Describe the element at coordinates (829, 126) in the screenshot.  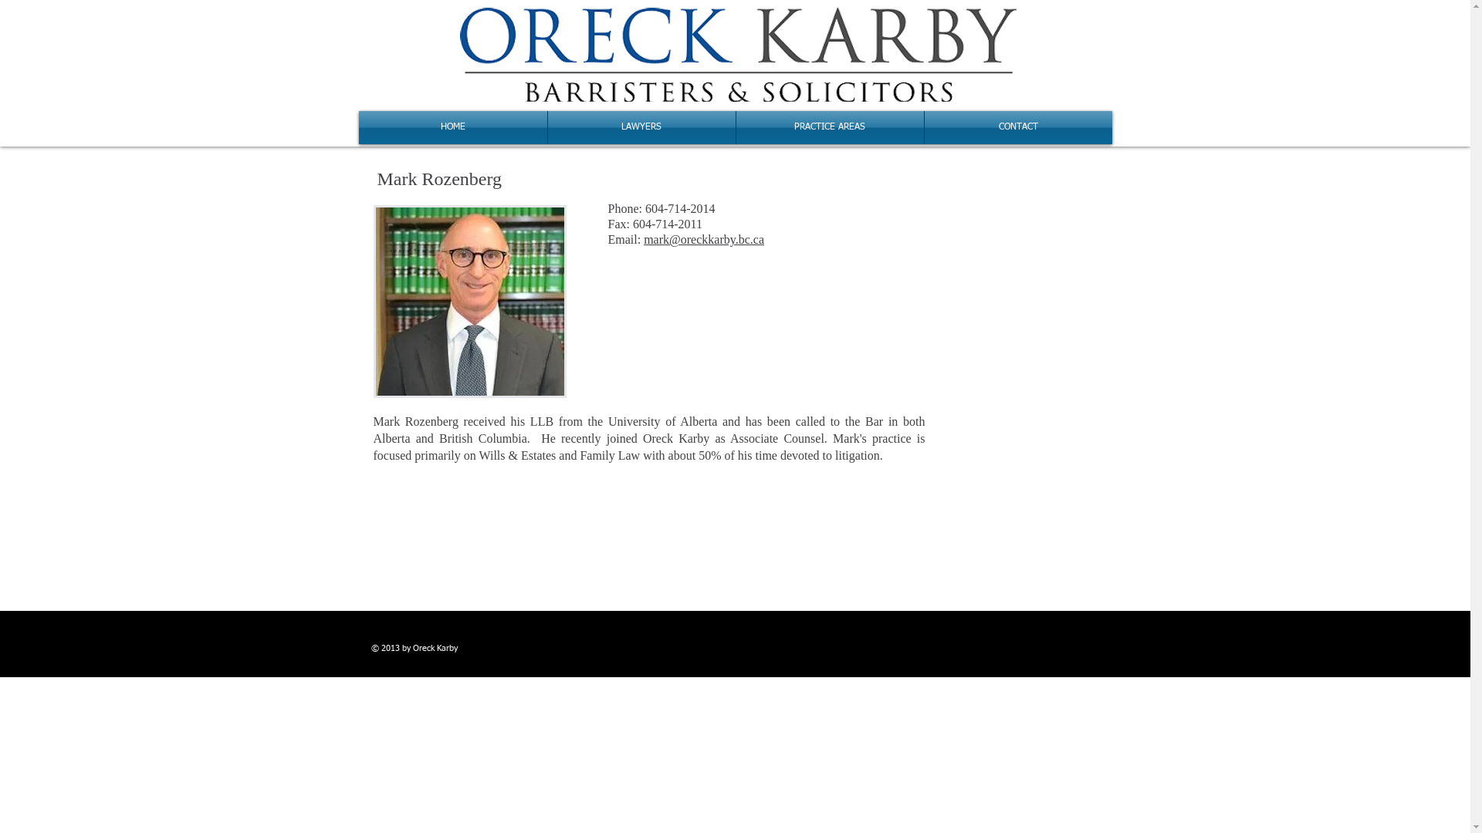
I see `'PRACTICE AREAS'` at that location.